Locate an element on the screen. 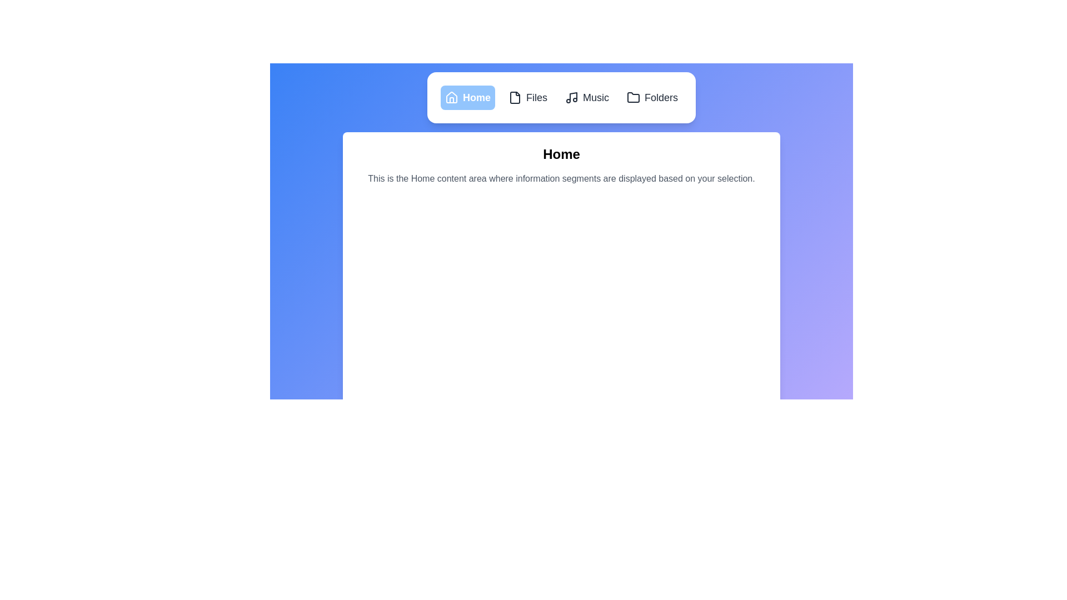  the Home tab to observe visual feedback is located at coordinates (467, 97).